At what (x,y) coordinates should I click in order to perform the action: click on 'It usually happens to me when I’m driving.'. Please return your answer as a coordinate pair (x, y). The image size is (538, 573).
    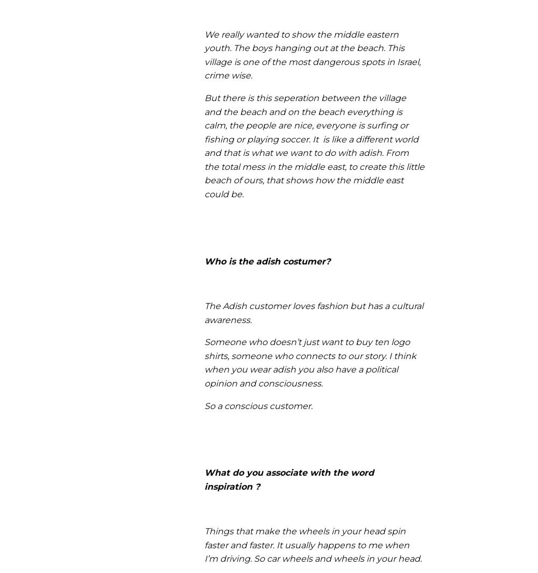
    Looking at the image, I should click on (204, 551).